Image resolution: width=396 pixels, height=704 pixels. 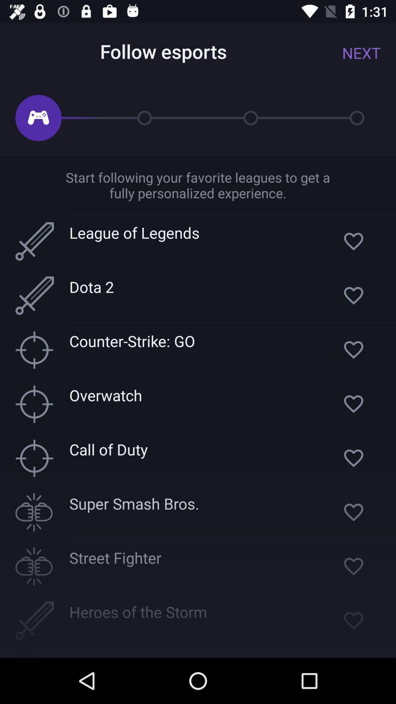 What do you see at coordinates (353, 458) in the screenshot?
I see `favorite icon which is after call of duty` at bounding box center [353, 458].